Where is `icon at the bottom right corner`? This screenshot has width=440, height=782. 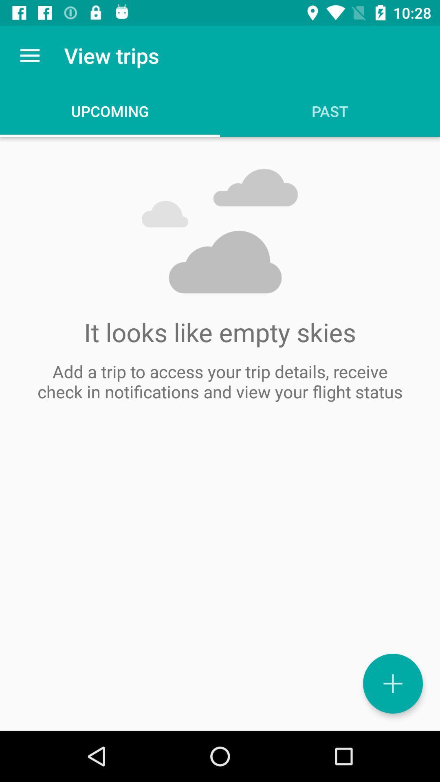
icon at the bottom right corner is located at coordinates (392, 683).